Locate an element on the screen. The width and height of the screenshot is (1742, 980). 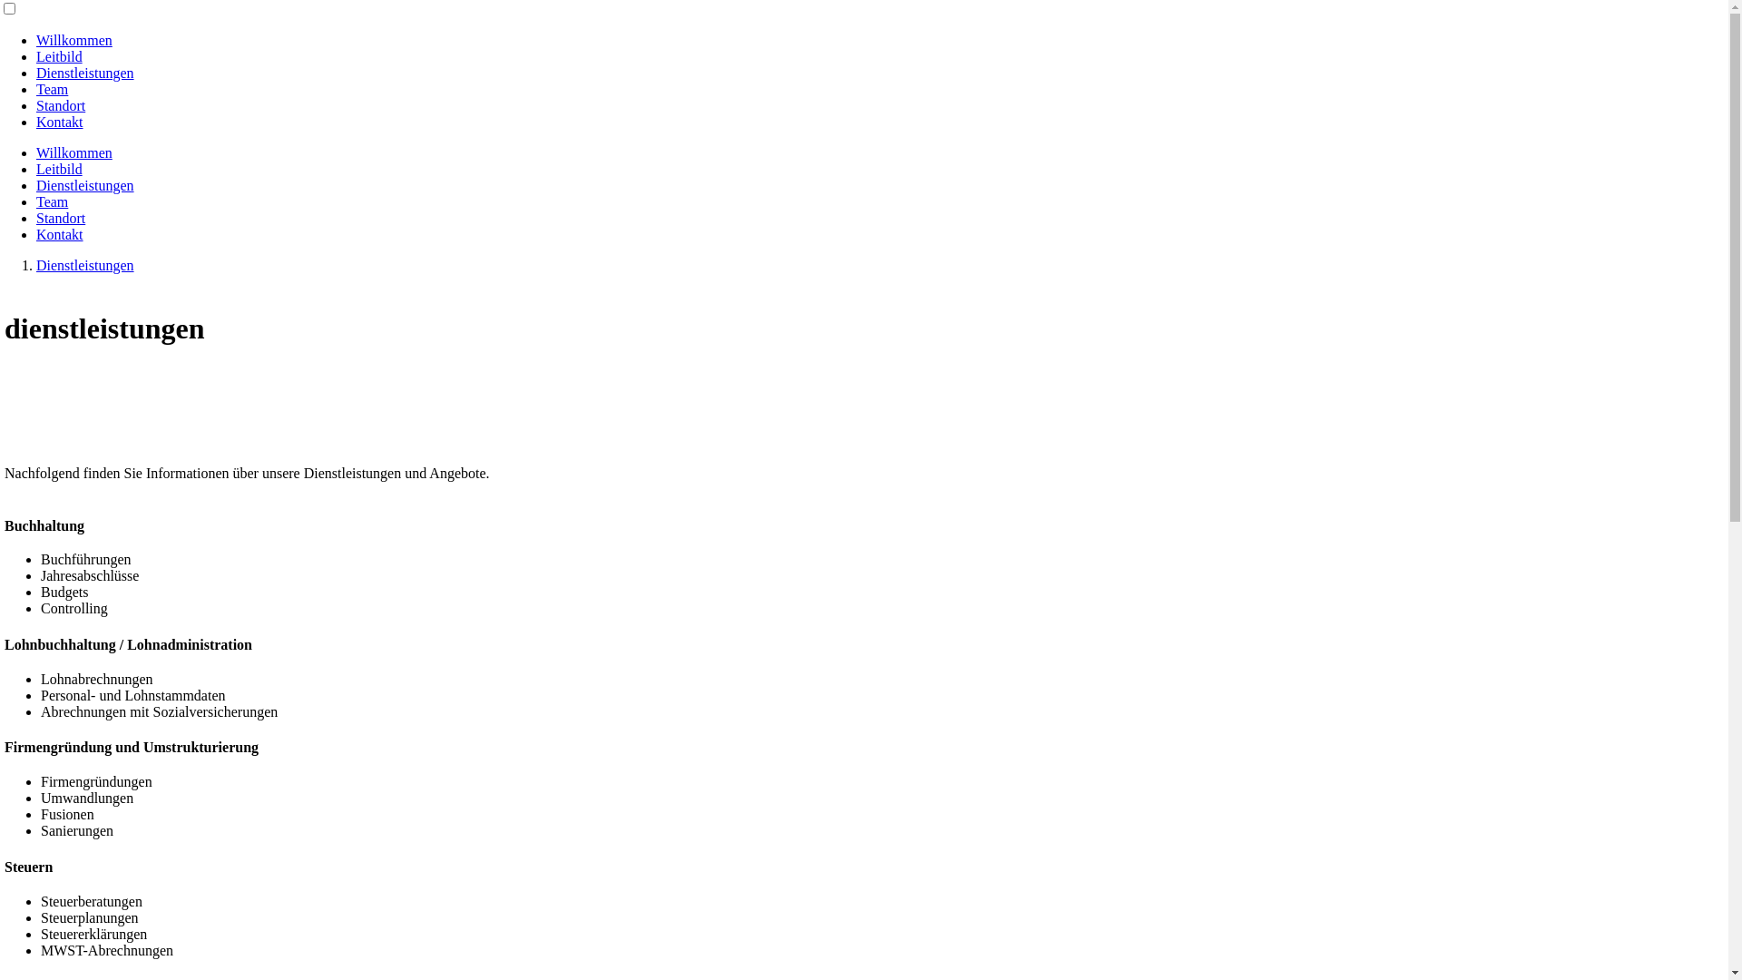
'Willkommen' is located at coordinates (35, 152).